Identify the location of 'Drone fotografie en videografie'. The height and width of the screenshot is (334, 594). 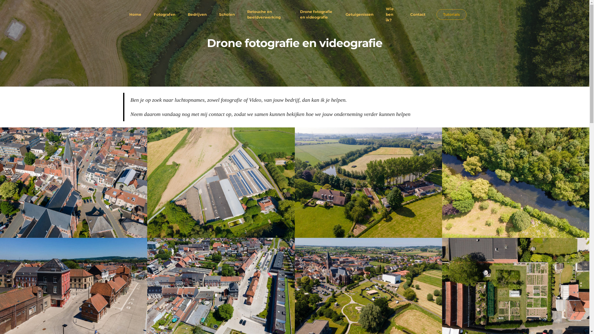
(316, 14).